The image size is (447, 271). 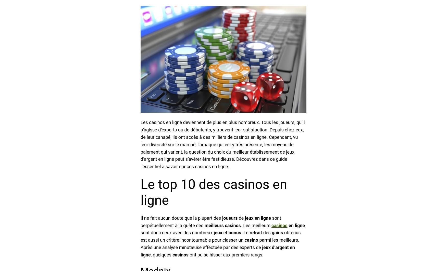 What do you see at coordinates (245, 232) in the screenshot?
I see `'. Le'` at bounding box center [245, 232].